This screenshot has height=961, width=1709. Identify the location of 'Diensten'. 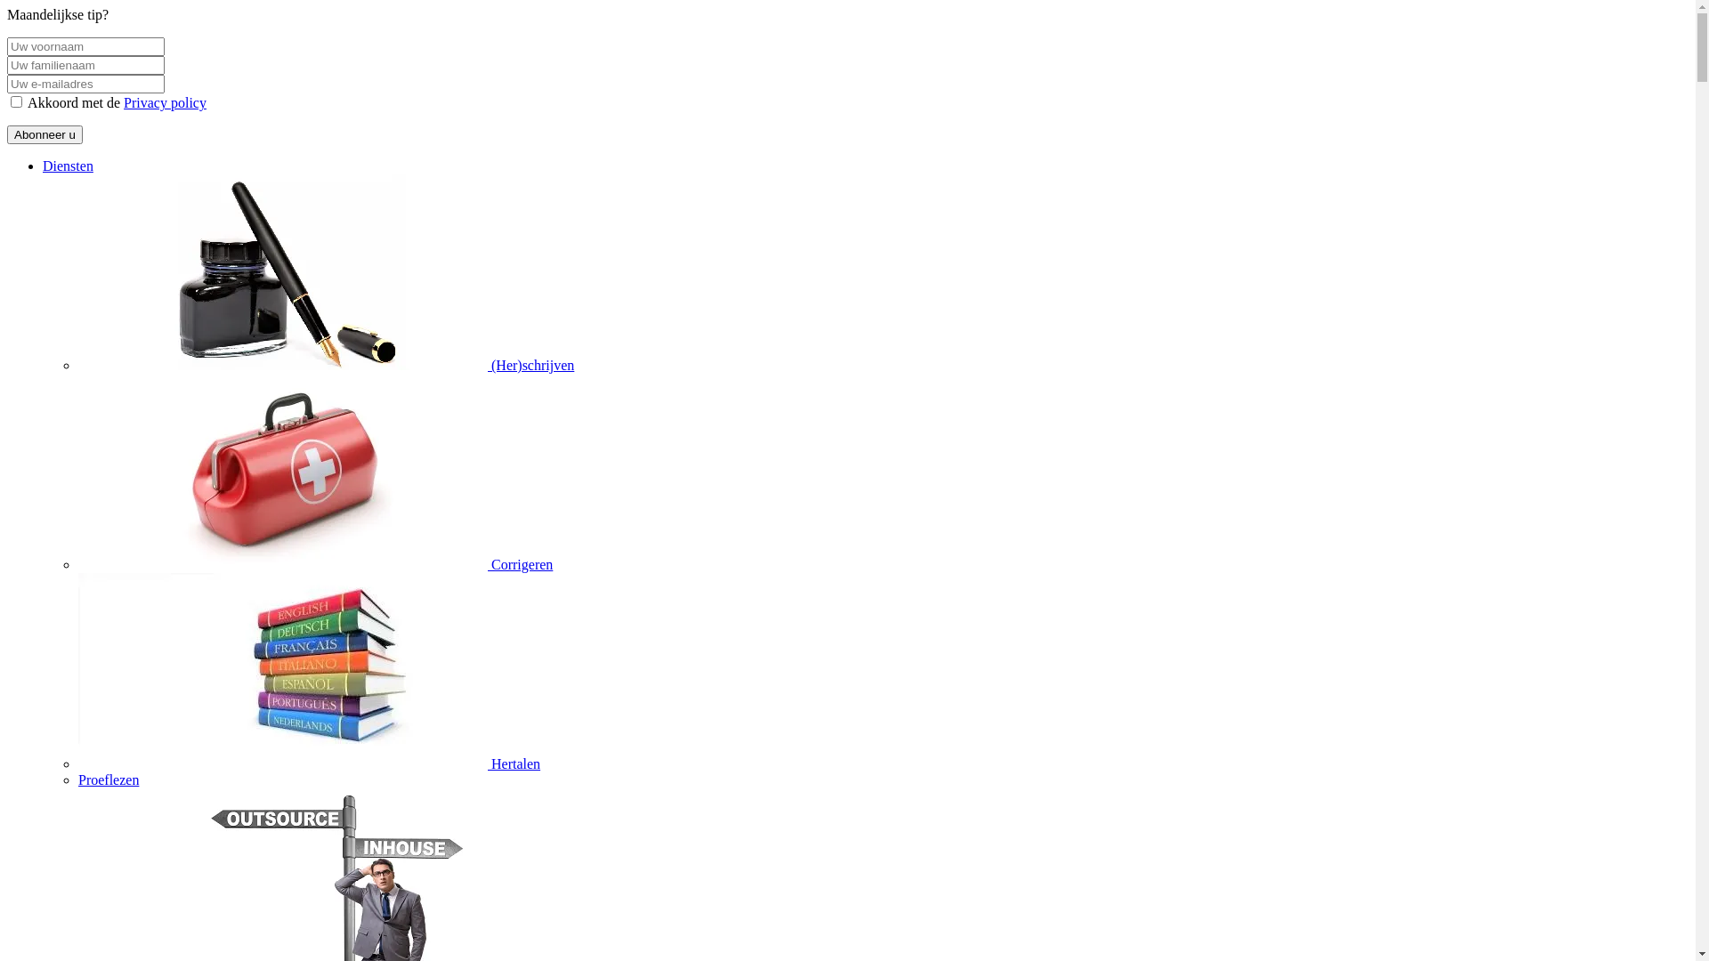
(68, 166).